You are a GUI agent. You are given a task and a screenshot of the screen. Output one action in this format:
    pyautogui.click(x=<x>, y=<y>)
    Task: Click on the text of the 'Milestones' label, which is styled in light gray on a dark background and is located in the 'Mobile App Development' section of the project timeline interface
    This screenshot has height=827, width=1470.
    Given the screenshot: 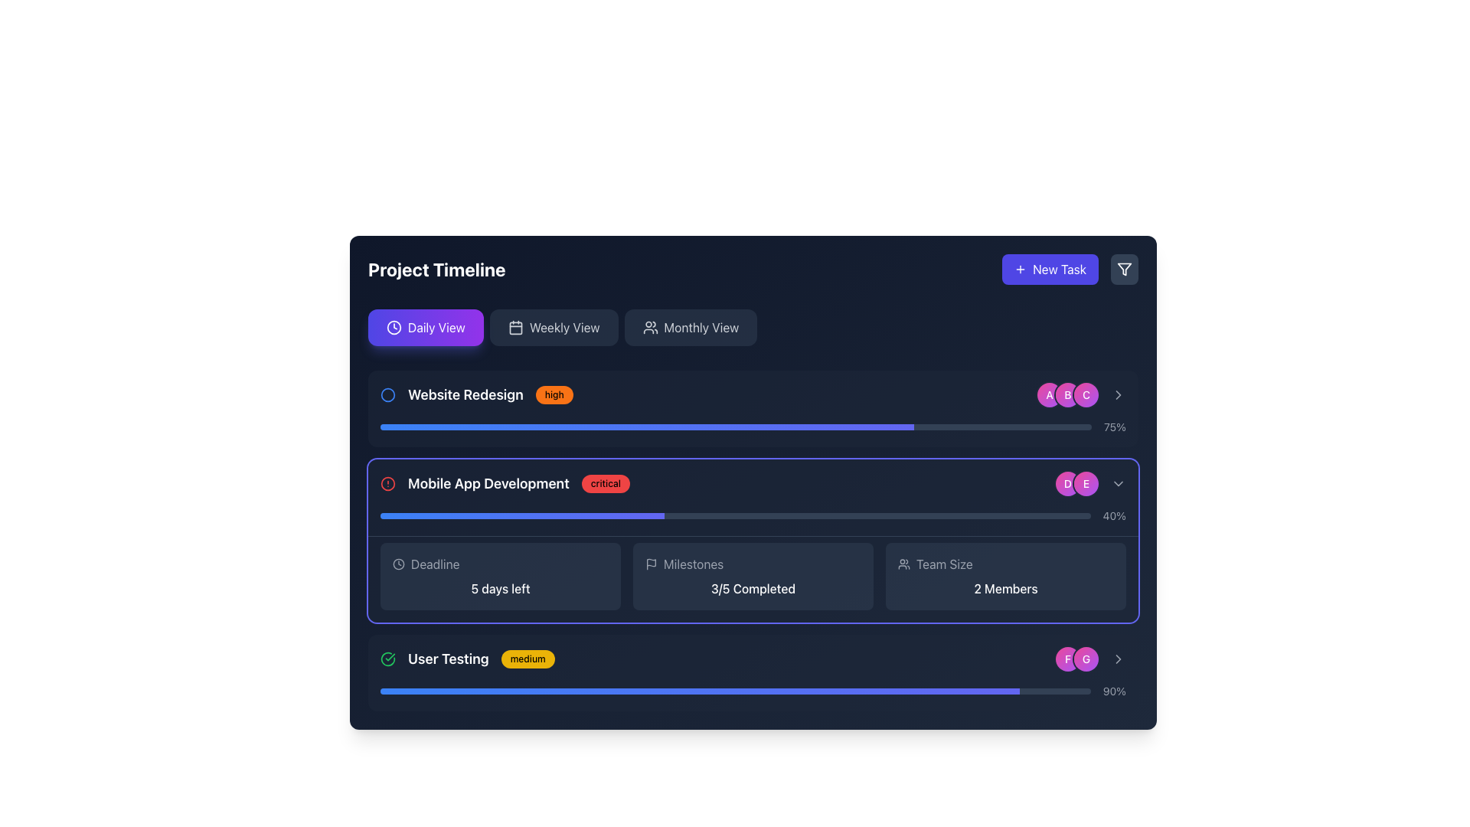 What is the action you would take?
    pyautogui.click(x=693, y=564)
    